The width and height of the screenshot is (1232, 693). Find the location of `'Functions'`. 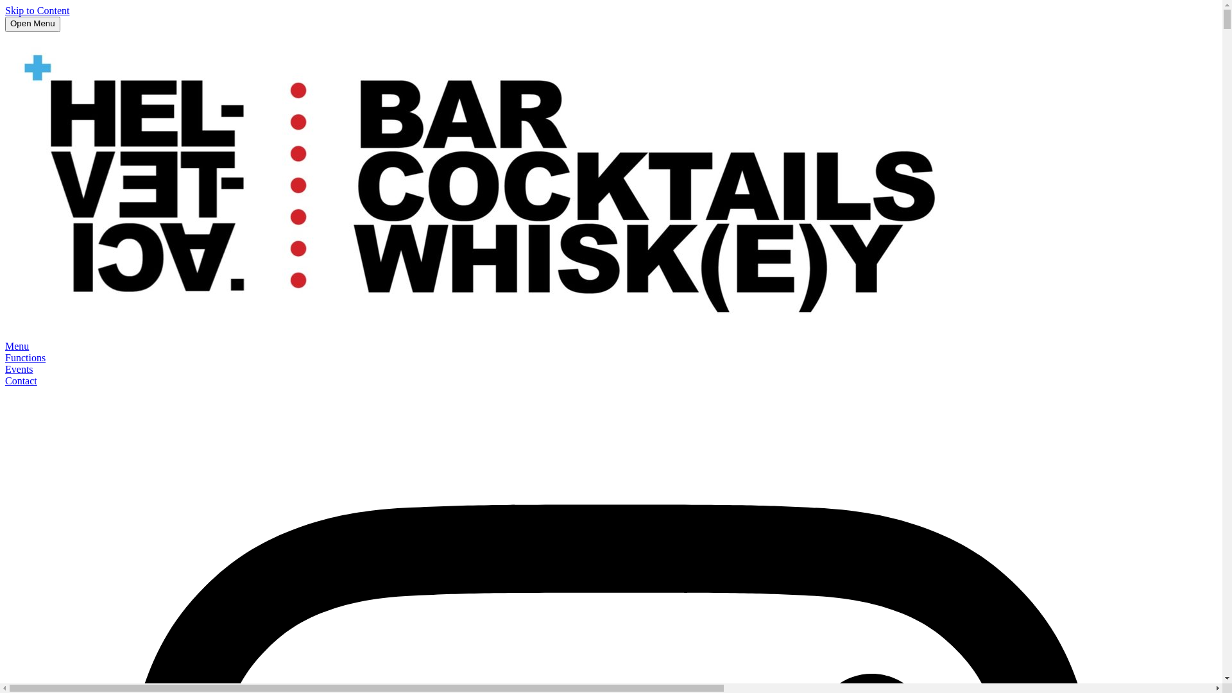

'Functions' is located at coordinates (25, 357).